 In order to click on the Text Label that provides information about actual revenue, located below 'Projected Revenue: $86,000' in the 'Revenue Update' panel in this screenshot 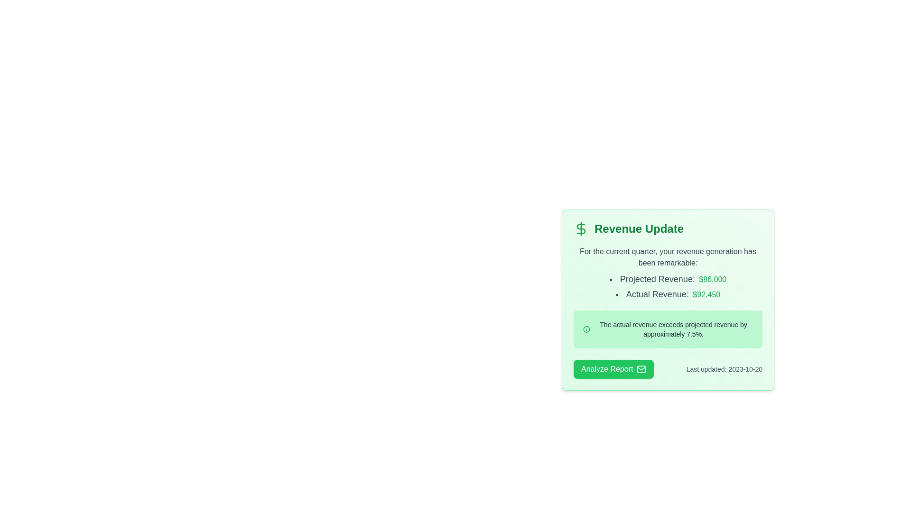, I will do `click(667, 294)`.